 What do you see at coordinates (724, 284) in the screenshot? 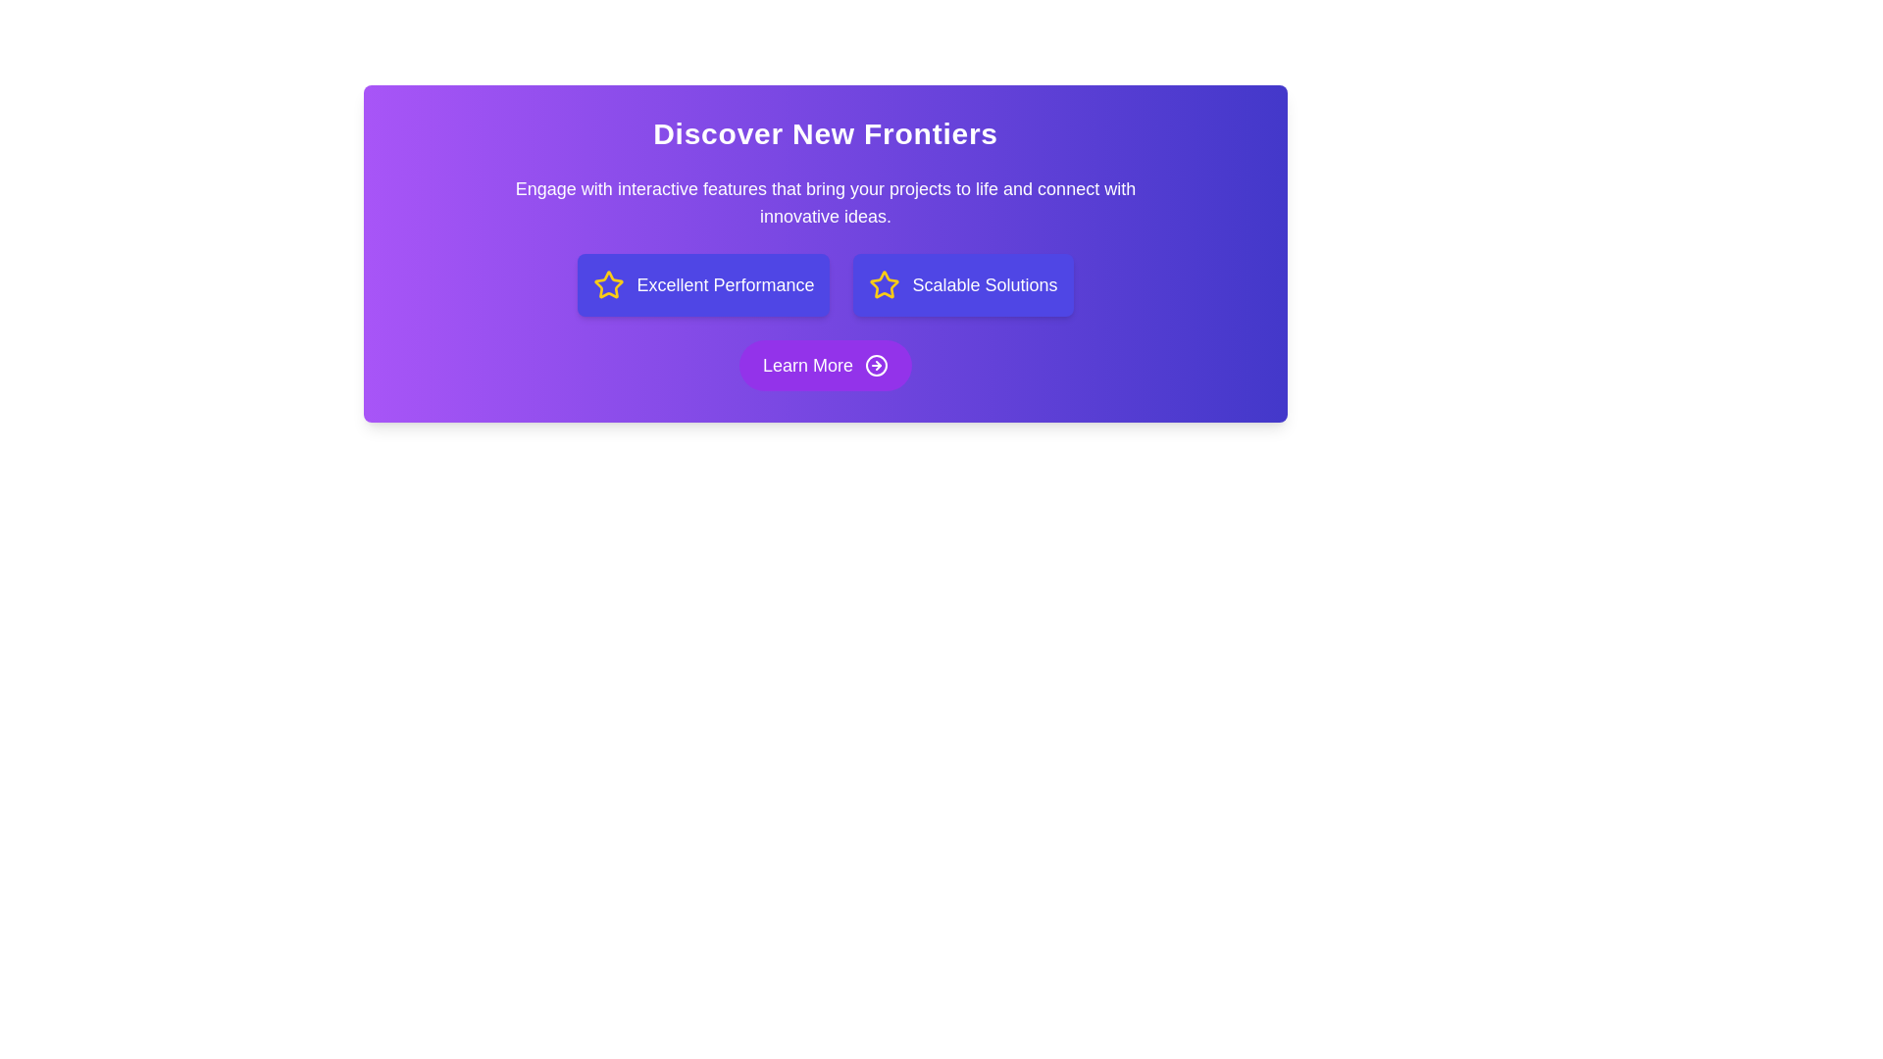
I see `the text label displaying 'Excellent Performance' which is in a bold, large, white font on a blue background, located to the right of a yellow star icon` at bounding box center [724, 284].